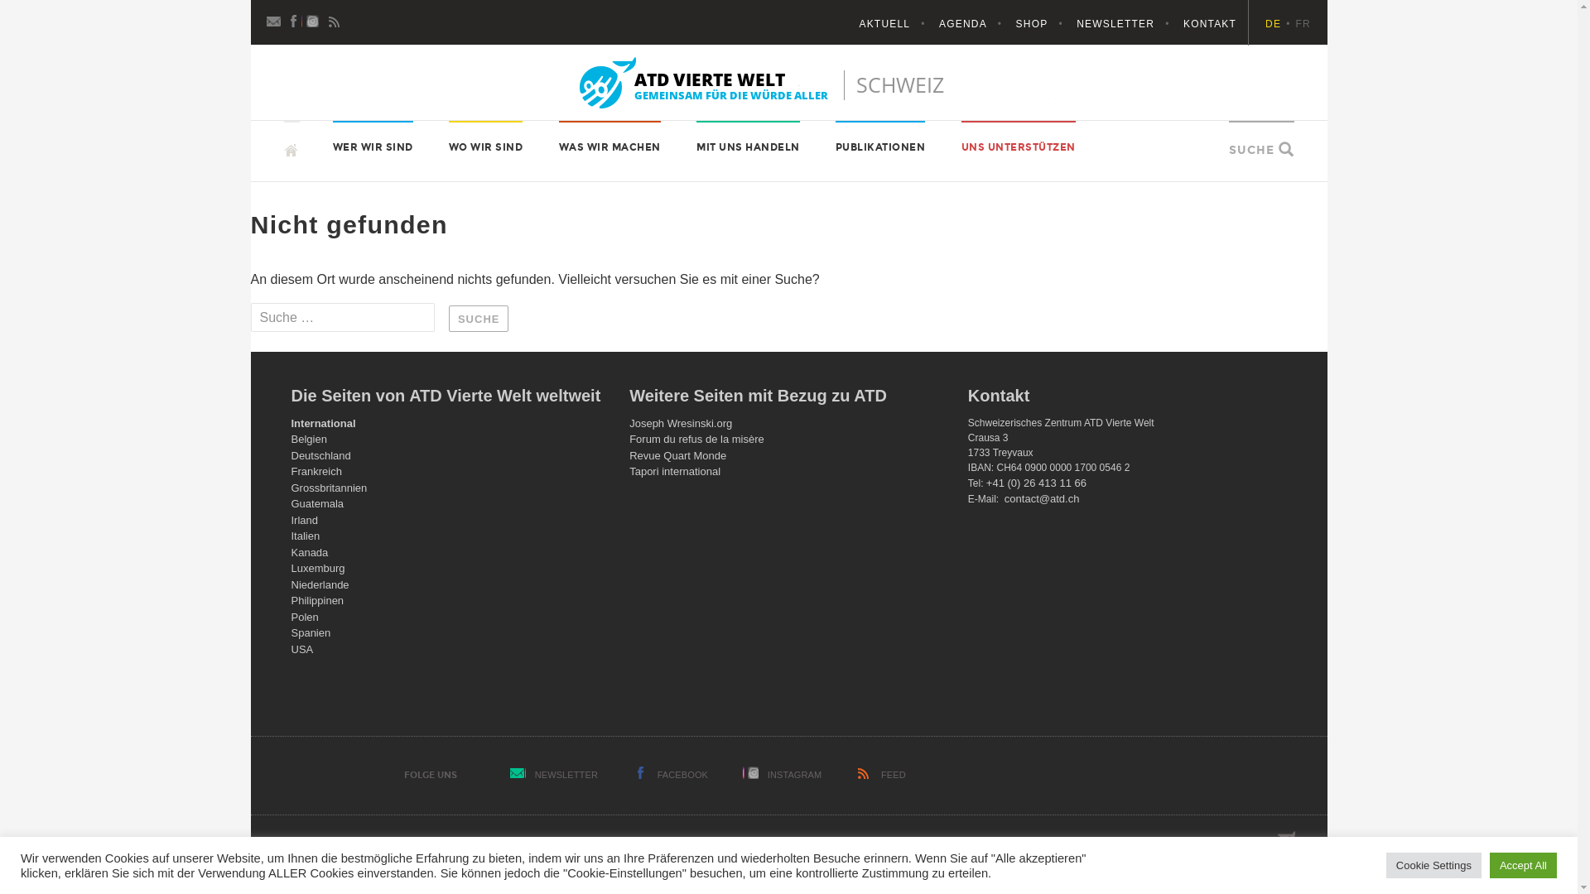  Describe the element at coordinates (893, 775) in the screenshot. I see `'FEED'` at that location.